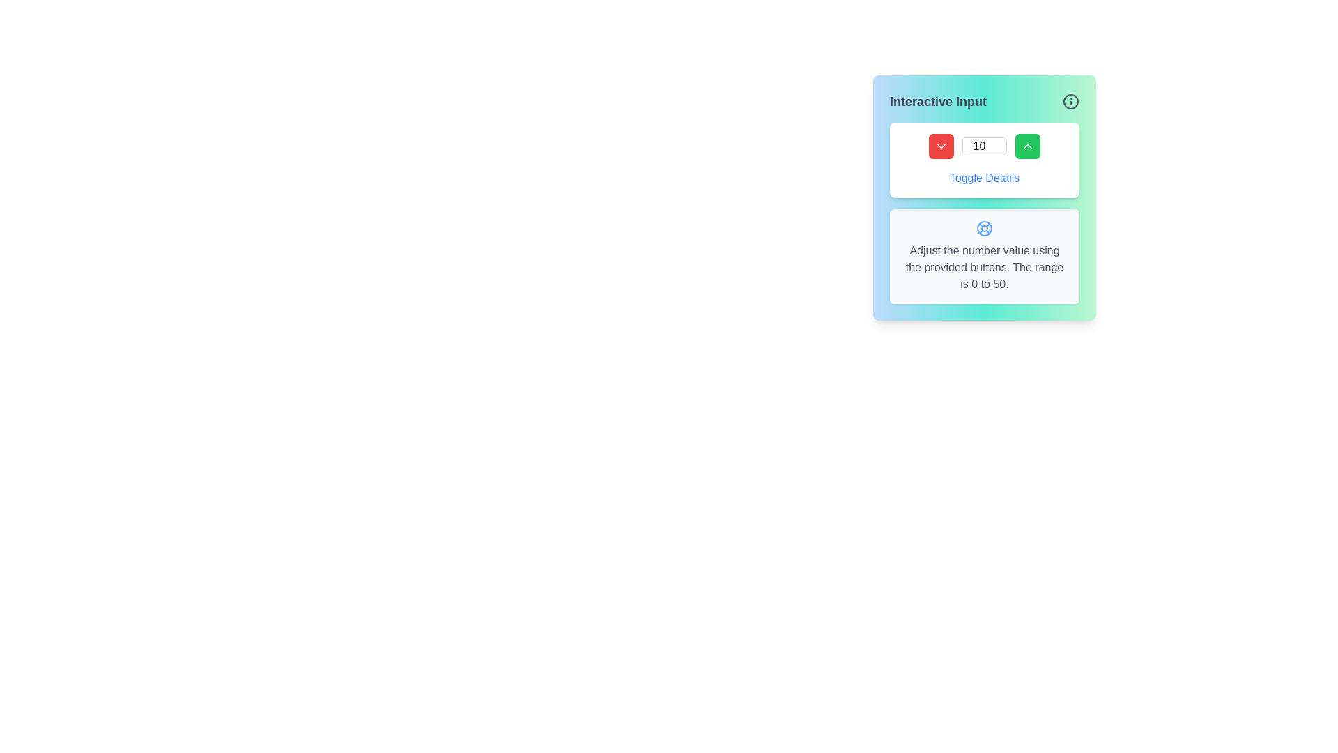 Image resolution: width=1338 pixels, height=753 pixels. What do you see at coordinates (983, 227) in the screenshot?
I see `the SVG icon located in the middle of the descriptive block below the 'Interactive Input' section, which symbolizes assistance or safety settings` at bounding box center [983, 227].